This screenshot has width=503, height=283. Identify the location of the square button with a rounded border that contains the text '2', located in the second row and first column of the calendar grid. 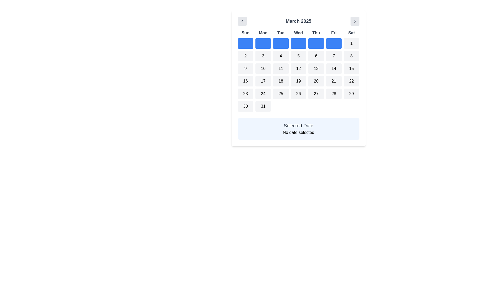
(245, 56).